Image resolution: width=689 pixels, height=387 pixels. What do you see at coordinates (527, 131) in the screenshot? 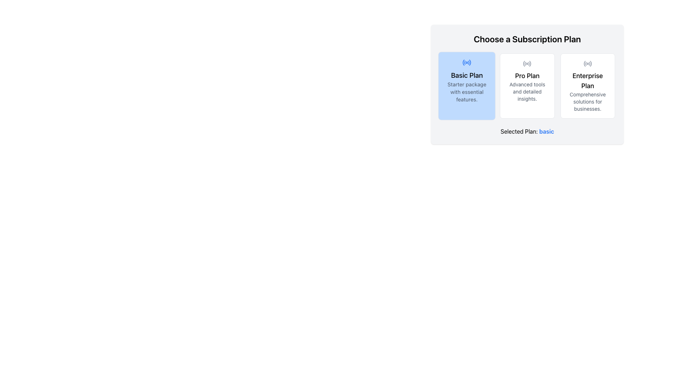
I see `the text label displaying the user's currently selected subscription plan, which is uniquely positioned at the bottom of the subscription plan selector` at bounding box center [527, 131].